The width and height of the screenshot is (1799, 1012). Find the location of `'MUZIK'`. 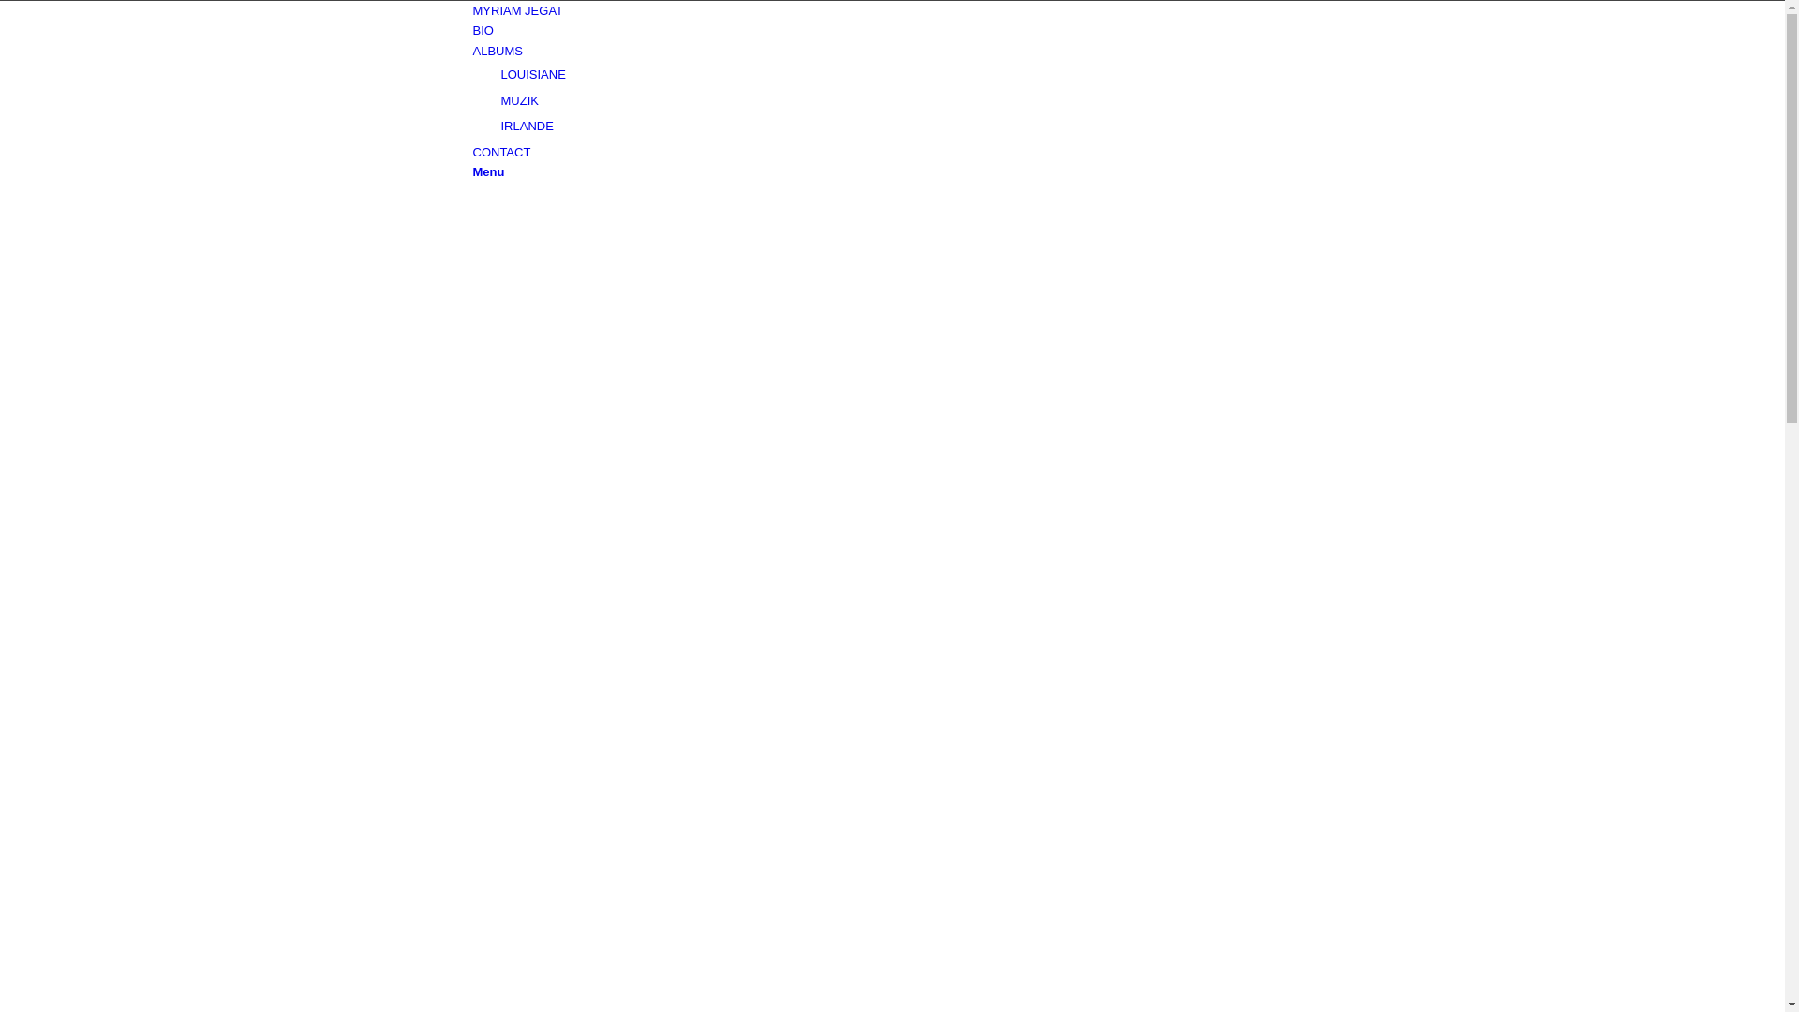

'MUZIK' is located at coordinates (518, 100).